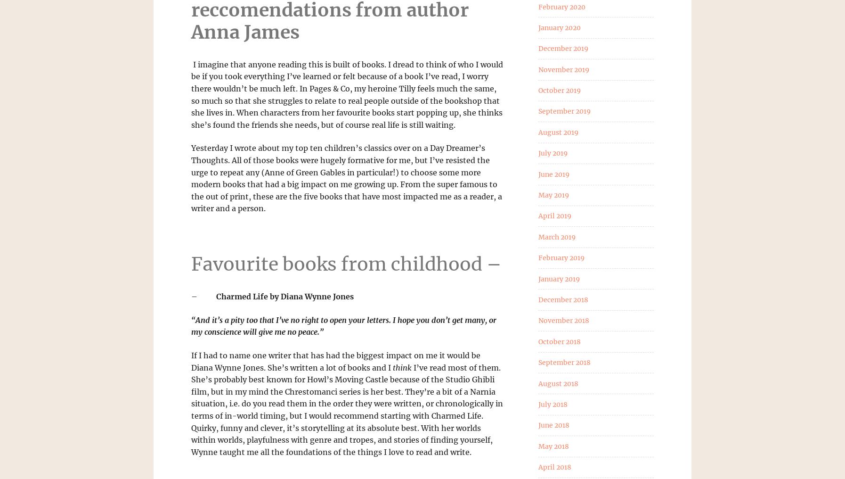 The height and width of the screenshot is (479, 845). I want to click on 'July 2019', so click(552, 153).